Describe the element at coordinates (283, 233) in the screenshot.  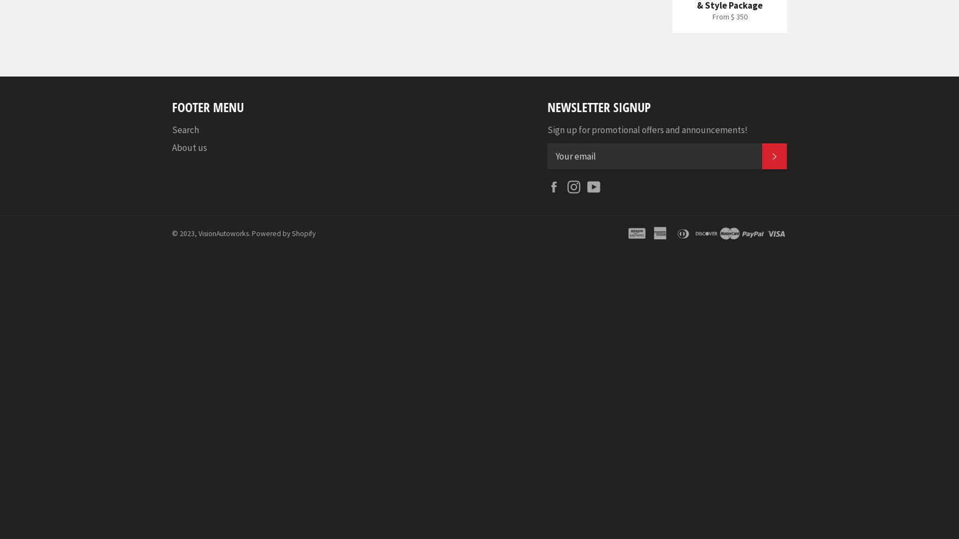
I see `'Powered by Shopify'` at that location.